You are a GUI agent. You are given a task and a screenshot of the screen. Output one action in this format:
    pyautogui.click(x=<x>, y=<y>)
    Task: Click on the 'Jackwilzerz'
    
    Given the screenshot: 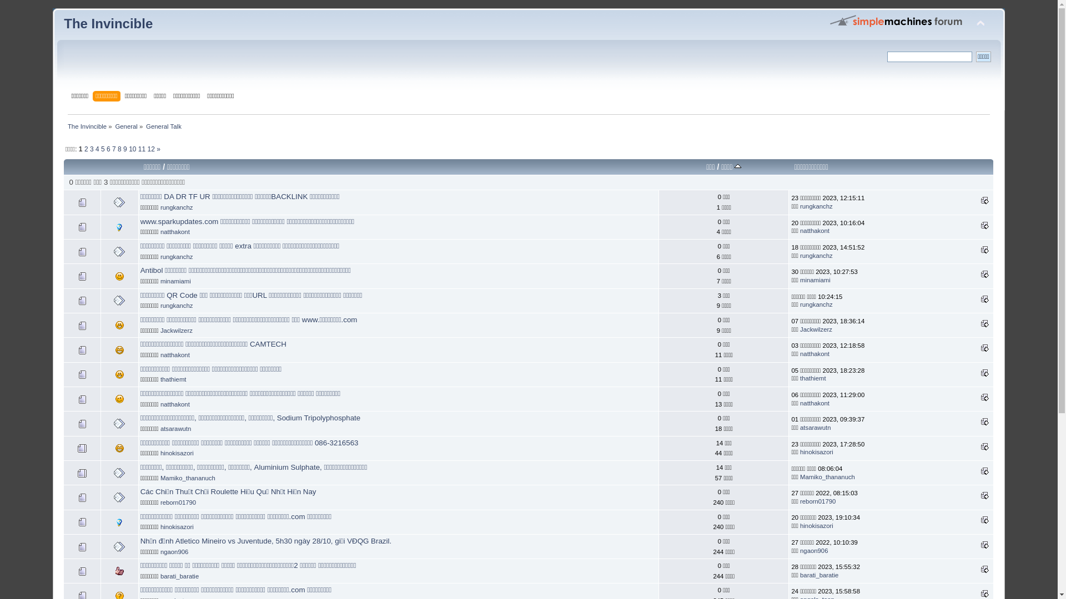 What is the action you would take?
    pyautogui.click(x=816, y=329)
    